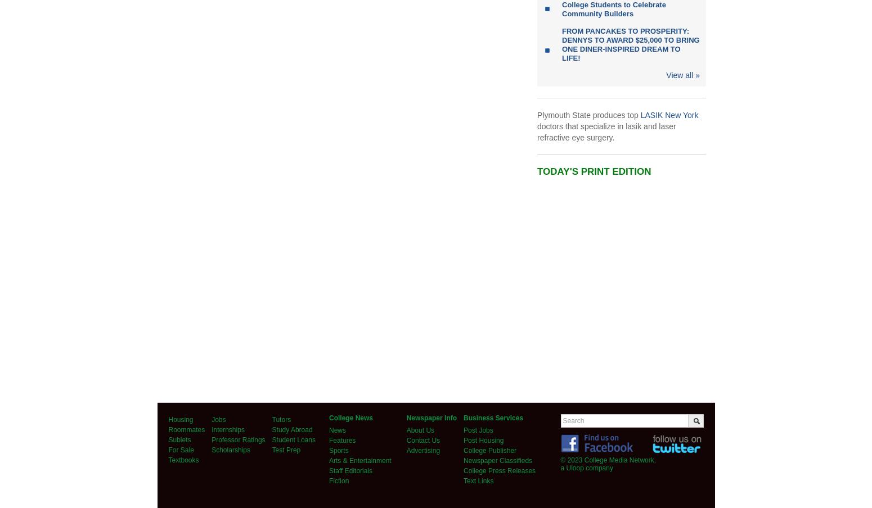  I want to click on 'FROM PANCAKES TO PROSPERITY: DENNYS TO AWARD $25,000 TO BRING ONE DINER-INSPIRED DREAM TO LIFE!', so click(630, 44).